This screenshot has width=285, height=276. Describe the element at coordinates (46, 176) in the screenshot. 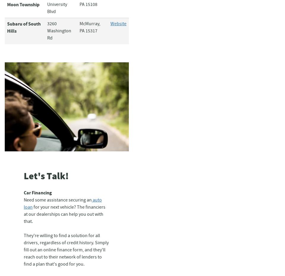

I see `'Let's Talk!'` at that location.